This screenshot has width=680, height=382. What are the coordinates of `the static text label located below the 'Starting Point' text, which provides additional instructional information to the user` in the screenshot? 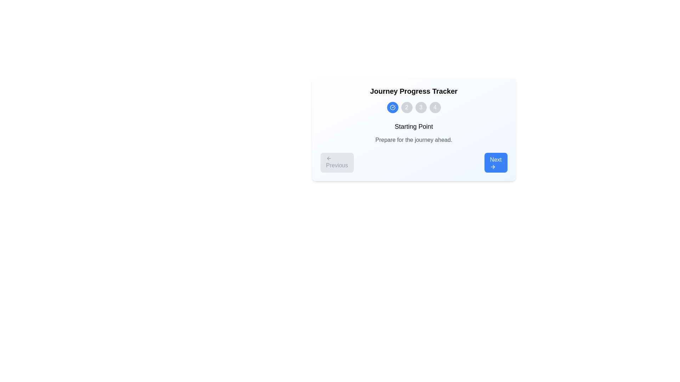 It's located at (414, 140).